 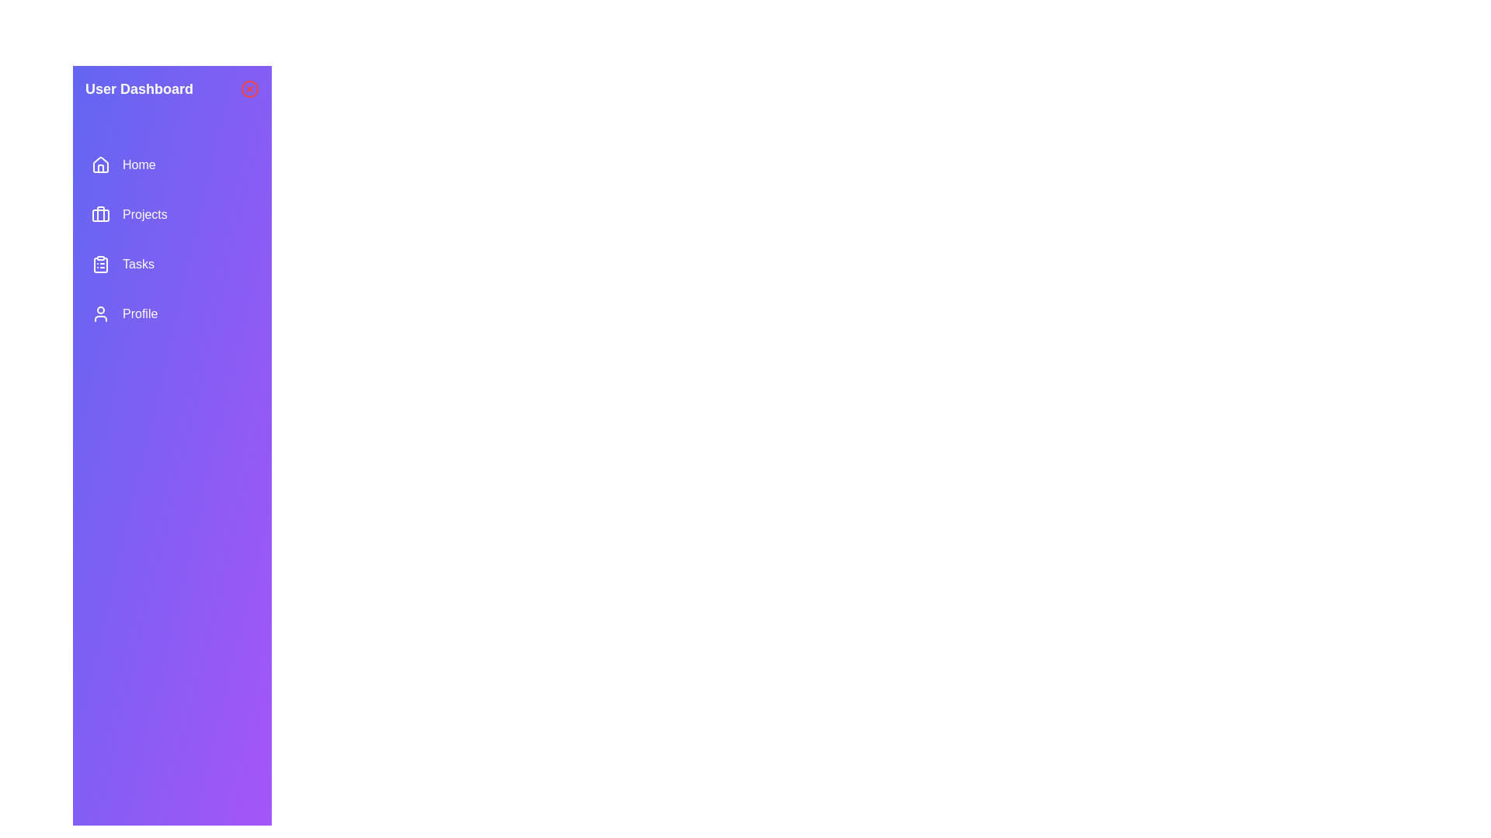 I want to click on the close button, which is a red circular button with an 'X' shape located to the right of the 'User Dashboard' text in the sidebar, so click(x=249, y=89).